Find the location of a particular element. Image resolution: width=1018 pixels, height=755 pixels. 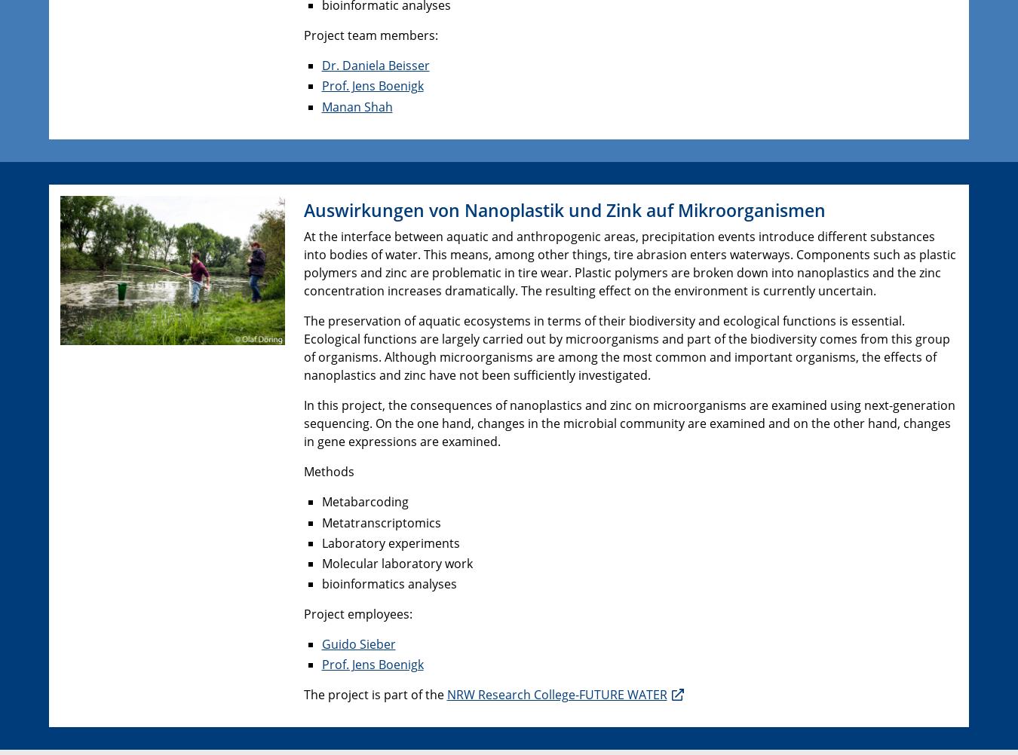

'Methods' is located at coordinates (328, 471).